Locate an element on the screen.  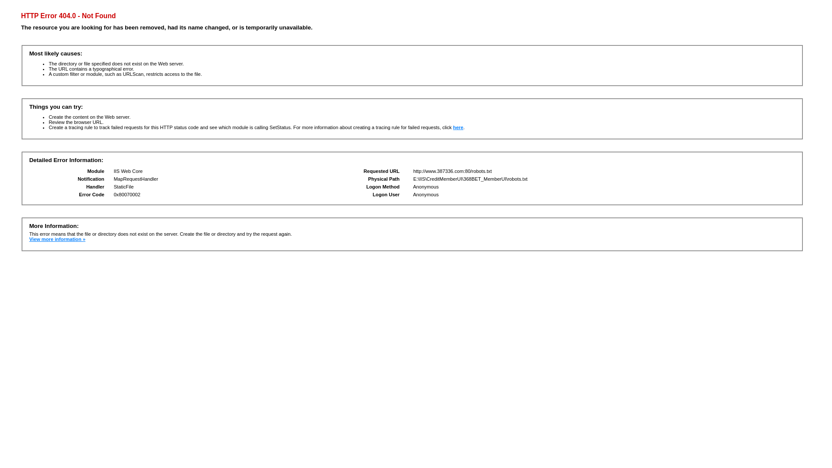
'here' is located at coordinates (458, 127).